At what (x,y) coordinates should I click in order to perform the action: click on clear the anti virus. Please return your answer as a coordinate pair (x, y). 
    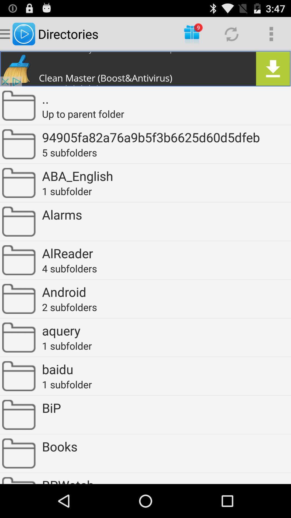
    Looking at the image, I should click on (145, 68).